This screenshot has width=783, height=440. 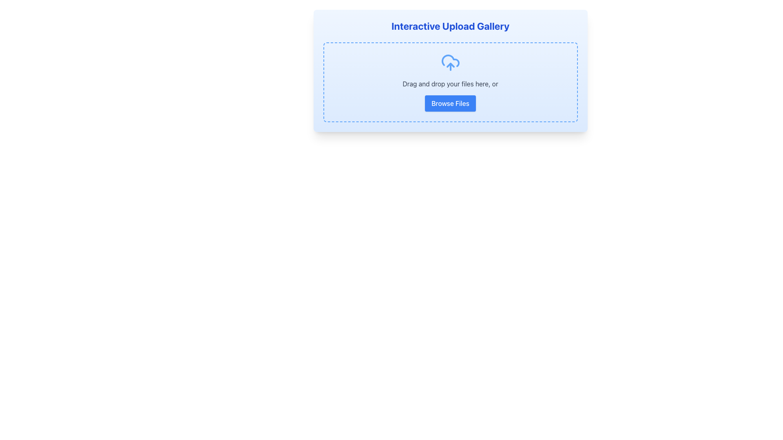 I want to click on the upload icon, which is represented by a triangular arrow within a cloud shape, located in the upper central portion of the interface, so click(x=450, y=64).